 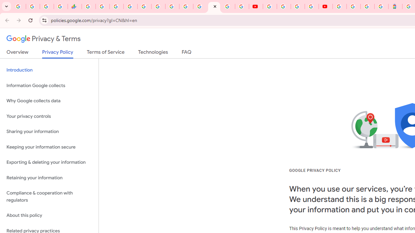 What do you see at coordinates (395, 6) in the screenshot?
I see `'Atour Hotel - Google hotels'` at bounding box center [395, 6].